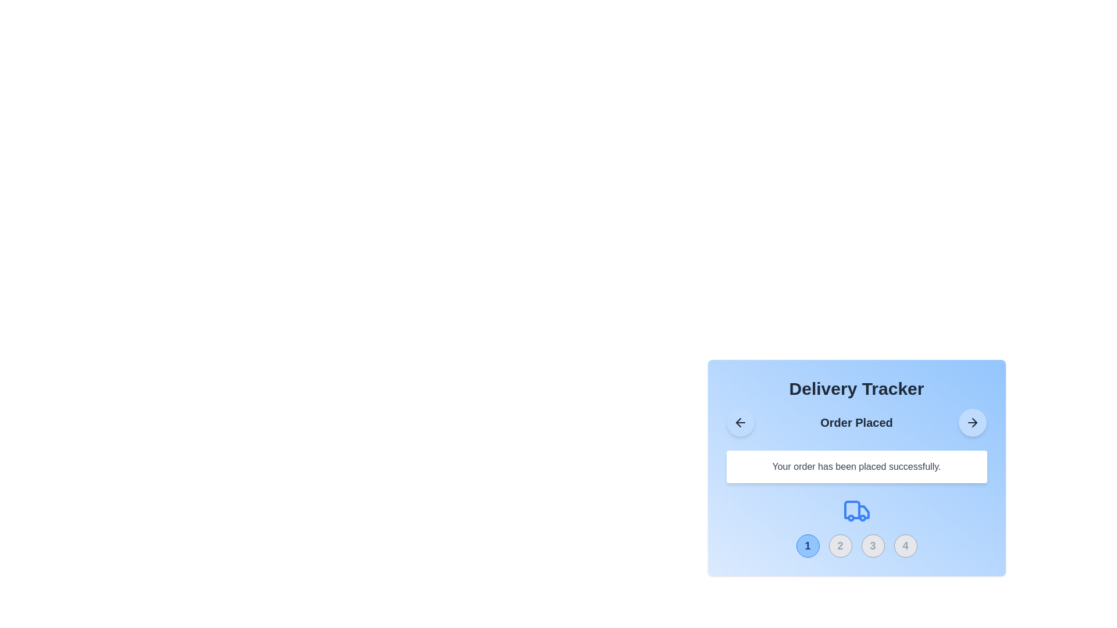 The height and width of the screenshot is (628, 1117). What do you see at coordinates (974, 422) in the screenshot?
I see `the right-pointing arrow icon within the circular button located at the top-right corner of the 'Delivery Tracker' section` at bounding box center [974, 422].